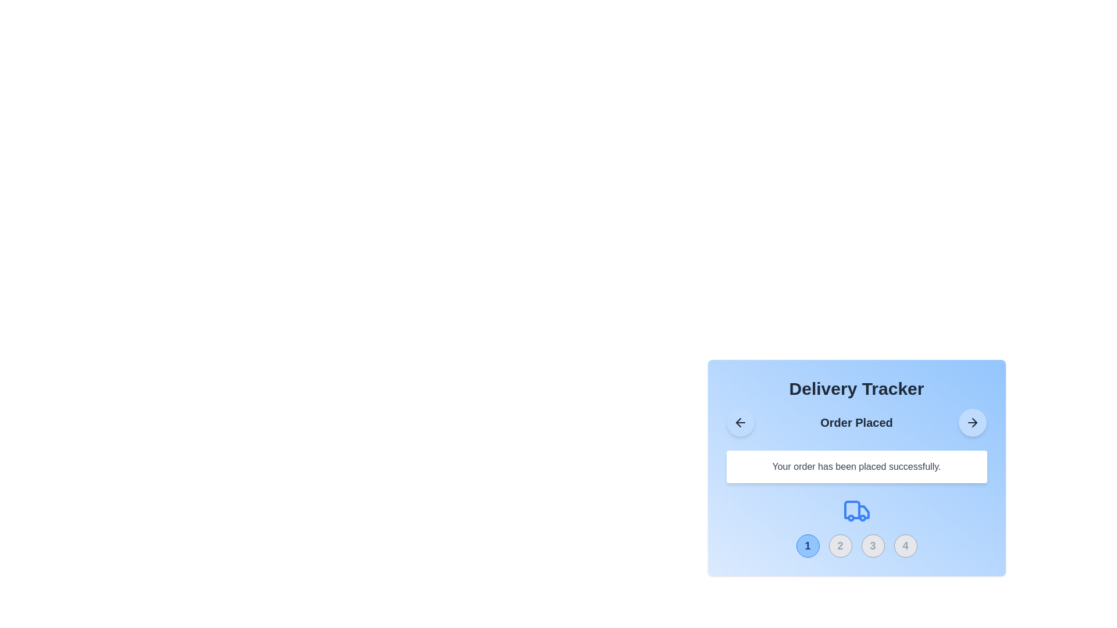 The height and width of the screenshot is (628, 1117). What do you see at coordinates (974, 422) in the screenshot?
I see `the right-pointing arrow icon within the circular button located at the top-right corner of the 'Delivery Tracker' section` at bounding box center [974, 422].